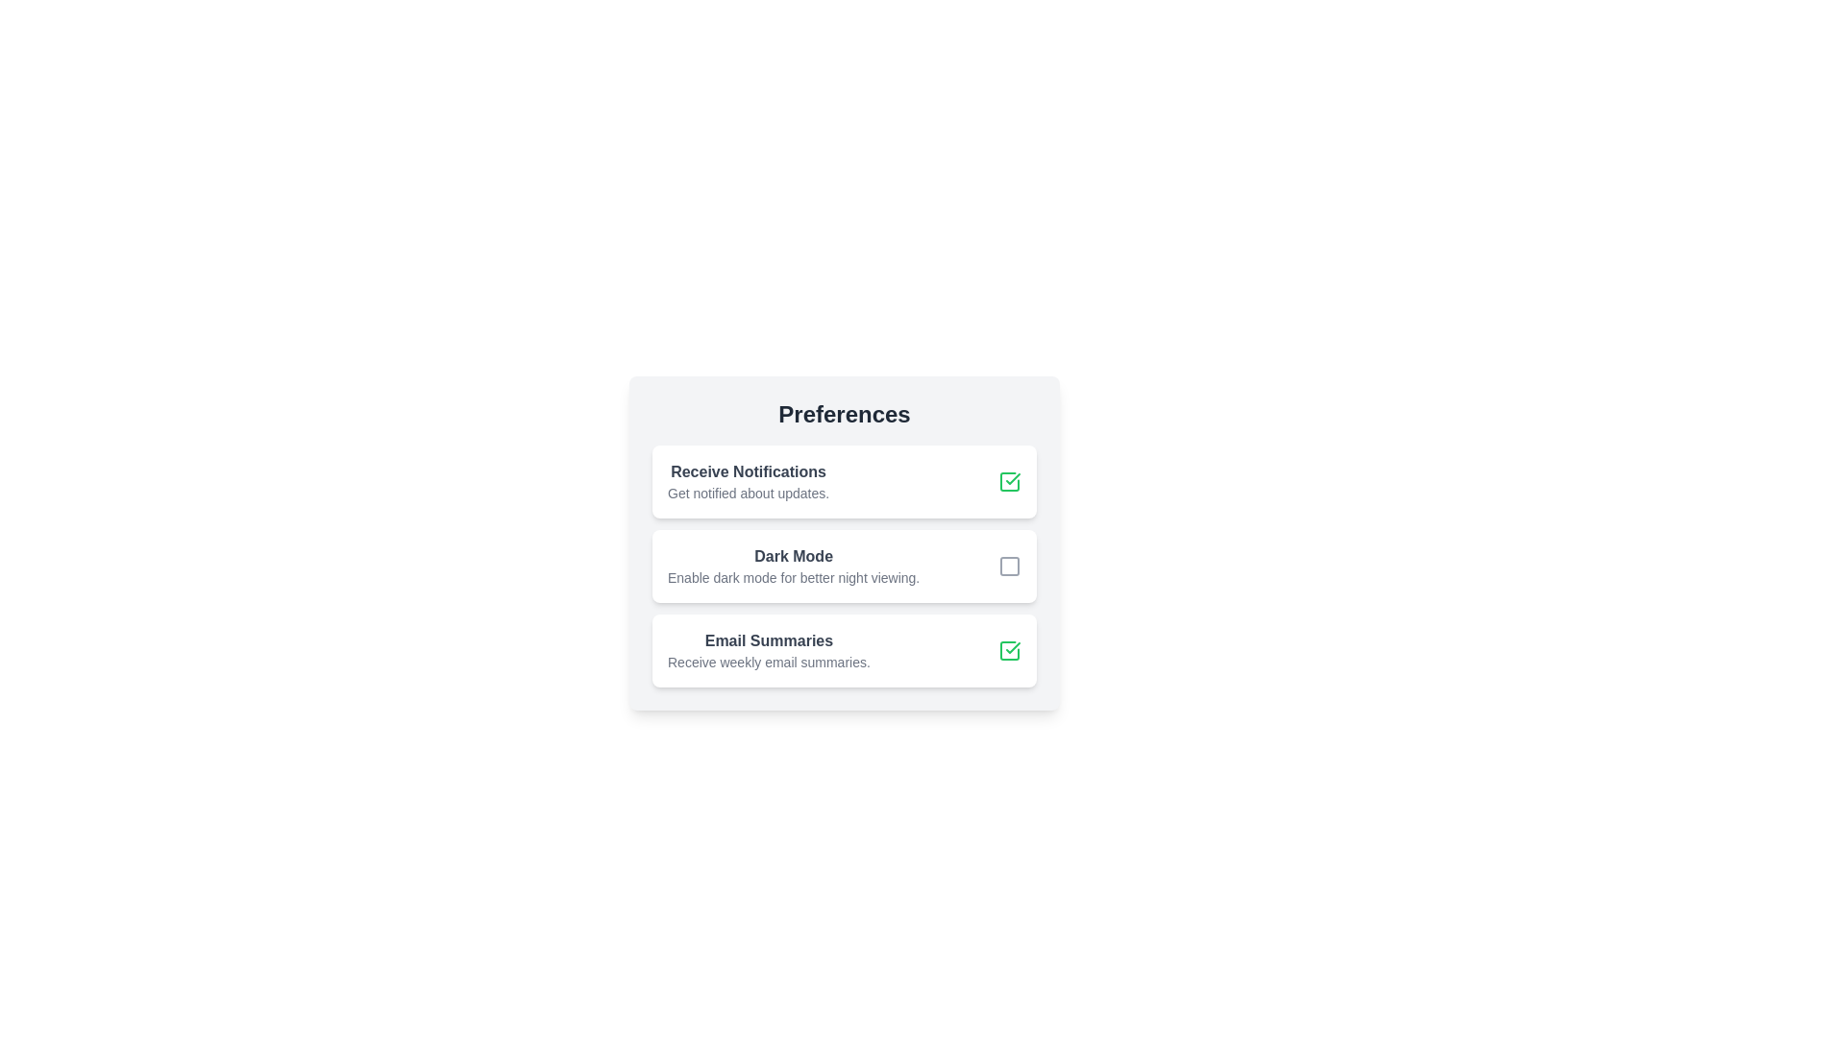  What do you see at coordinates (844, 566) in the screenshot?
I see `the checkbox of the 'Dark Mode' toggleable list item` at bounding box center [844, 566].